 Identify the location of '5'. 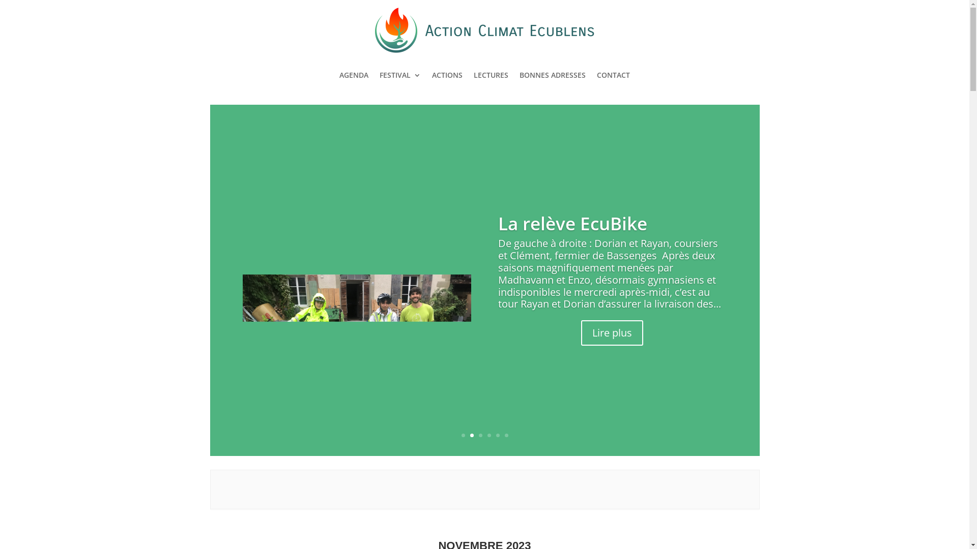
(497, 435).